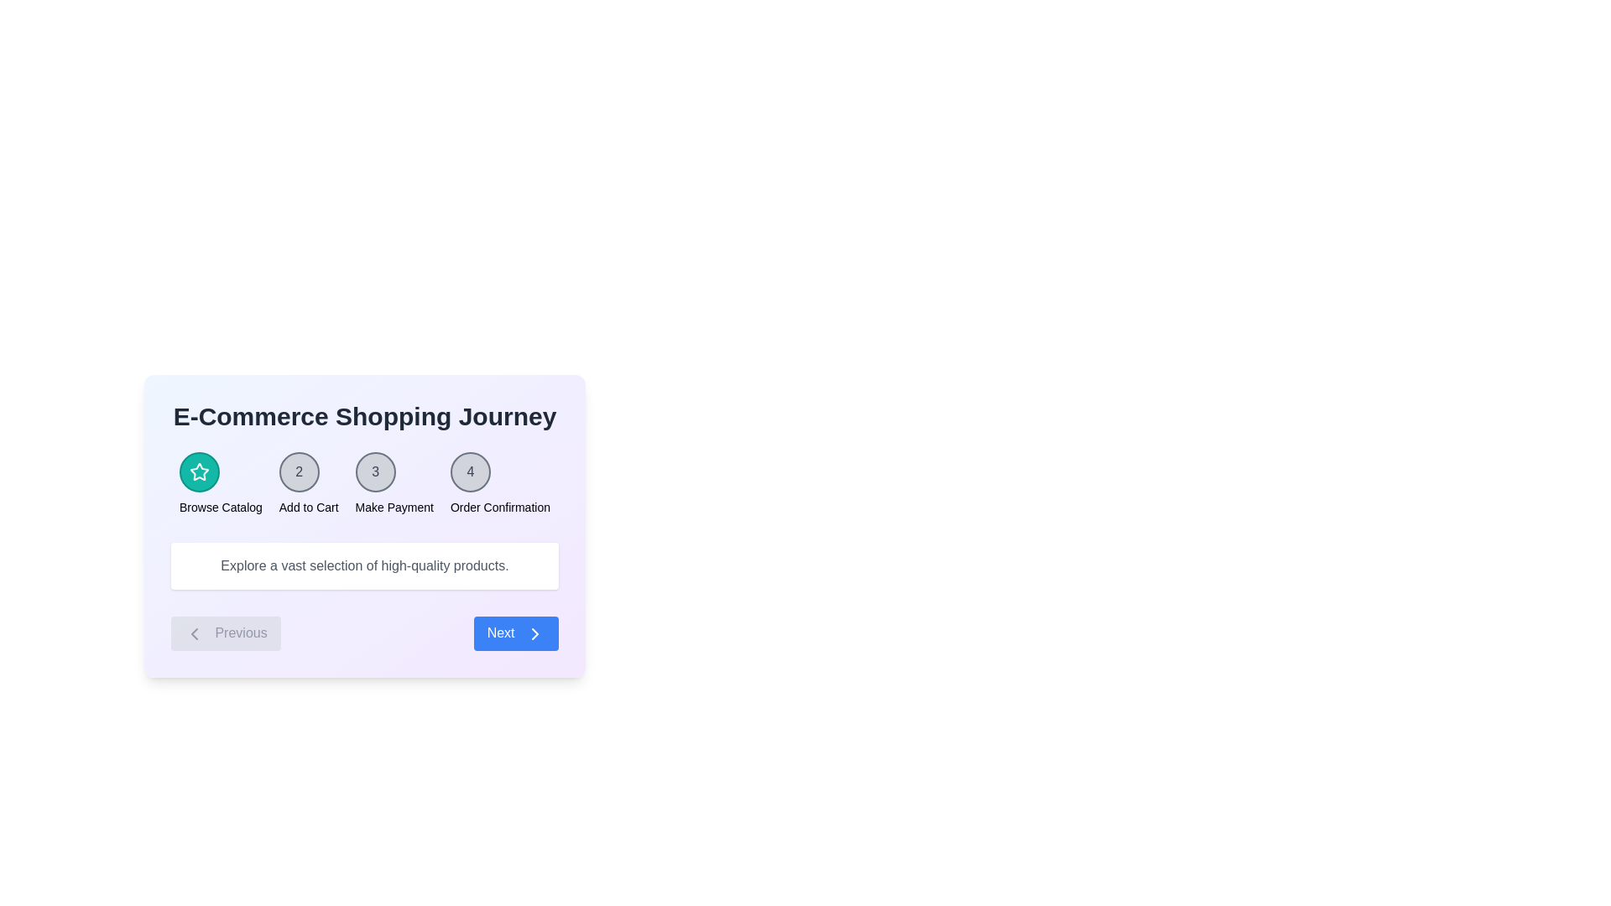 Image resolution: width=1611 pixels, height=906 pixels. What do you see at coordinates (534, 633) in the screenshot?
I see `the SVG icon embedded within the blue 'Next' button located at the bottom-right of the card interface` at bounding box center [534, 633].